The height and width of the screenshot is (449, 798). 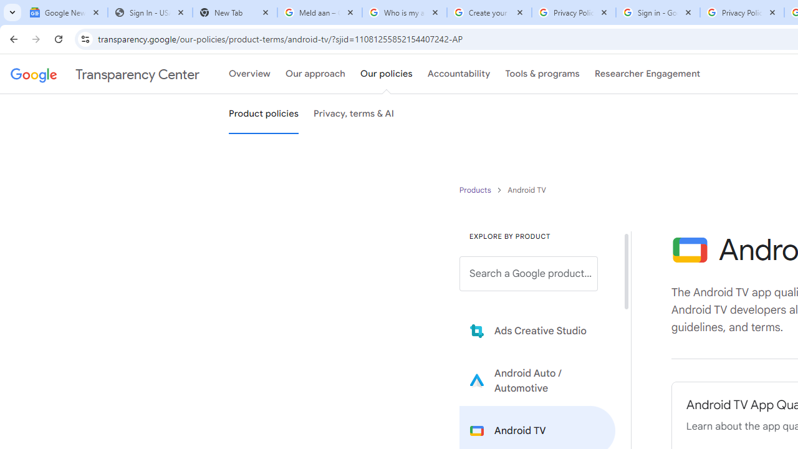 I want to click on 'Sign in - Google Accounts', so click(x=657, y=12).